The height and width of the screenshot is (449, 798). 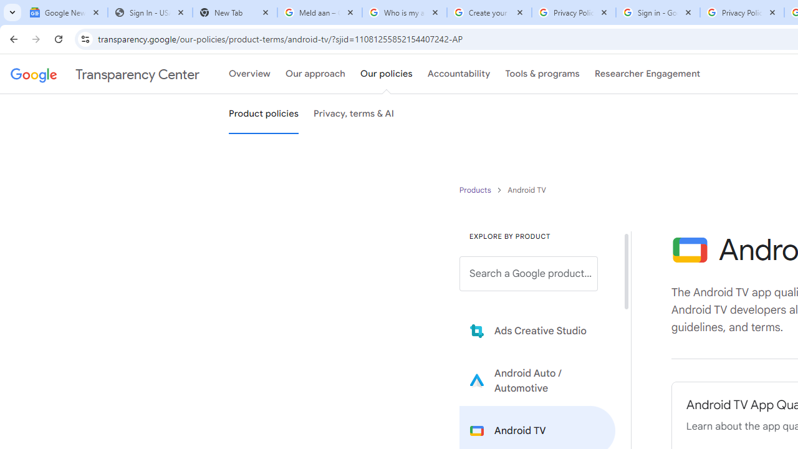 I want to click on 'Sign in - Google Accounts', so click(x=657, y=12).